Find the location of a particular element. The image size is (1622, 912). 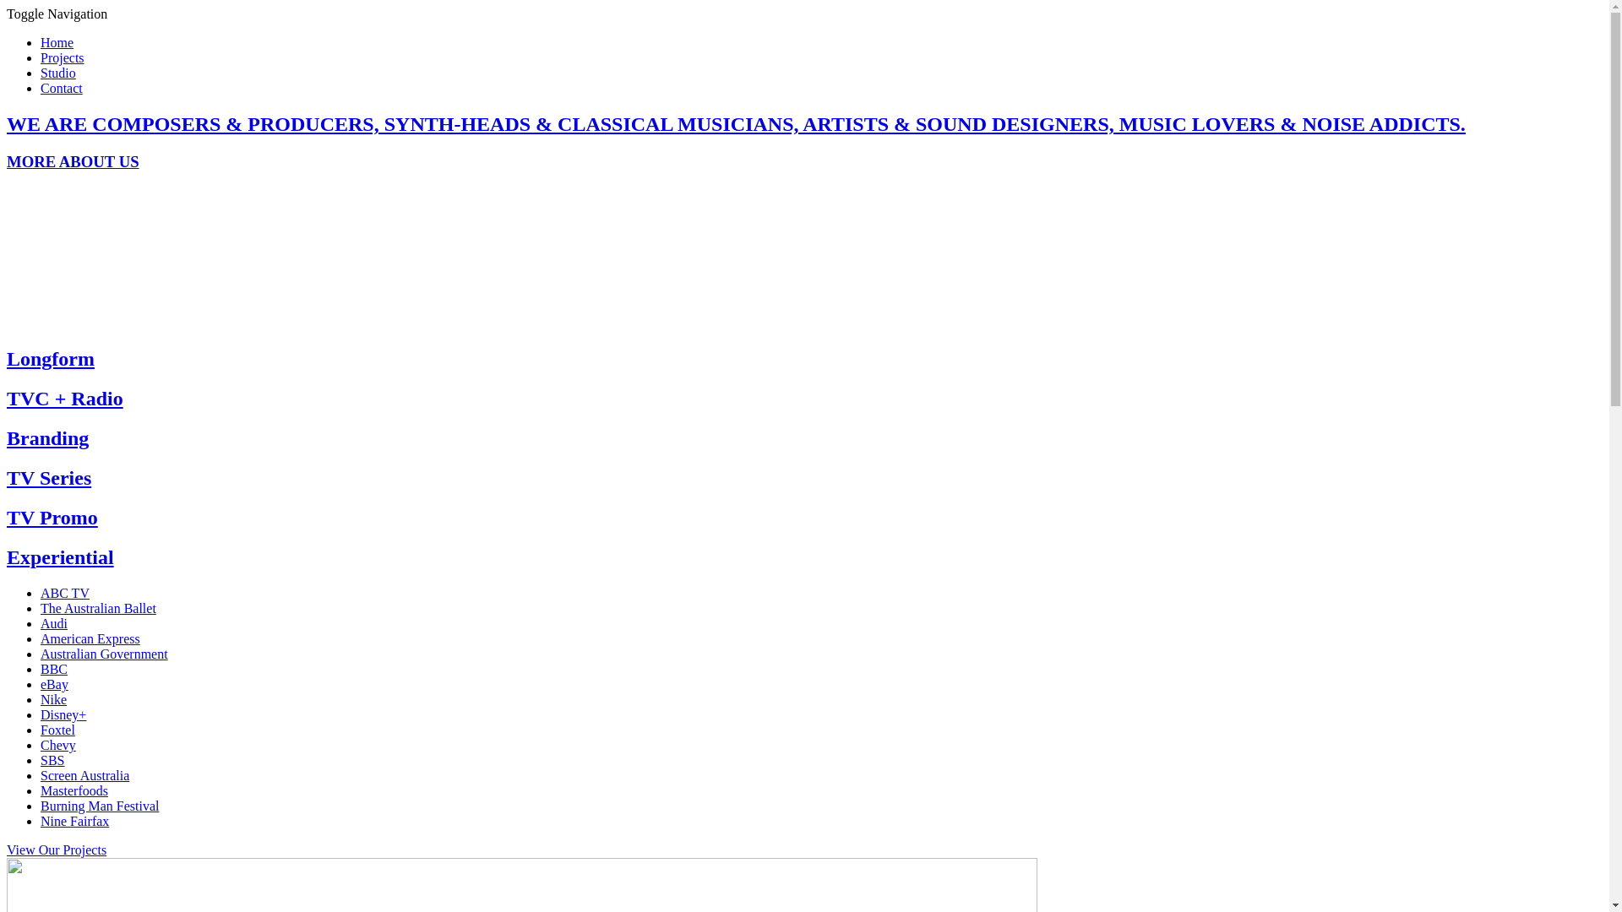

'Disney+' is located at coordinates (63, 714).